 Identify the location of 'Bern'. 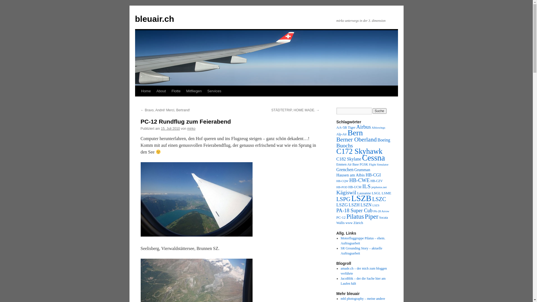
(355, 133).